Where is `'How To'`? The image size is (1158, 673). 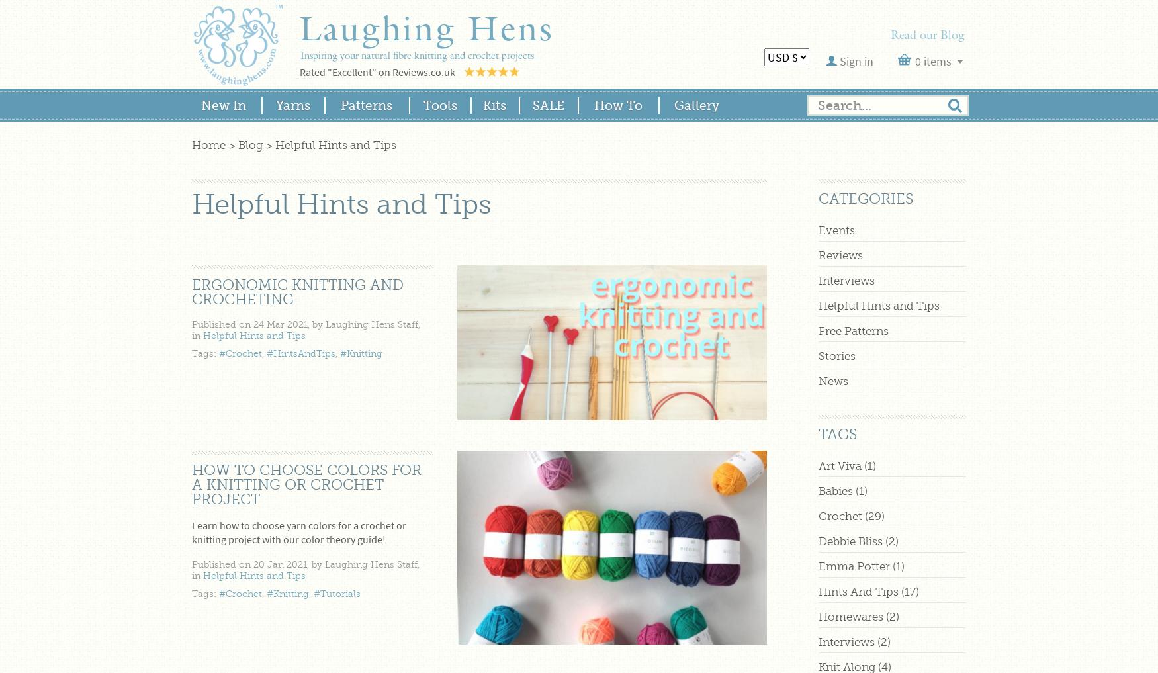 'How To' is located at coordinates (617, 104).